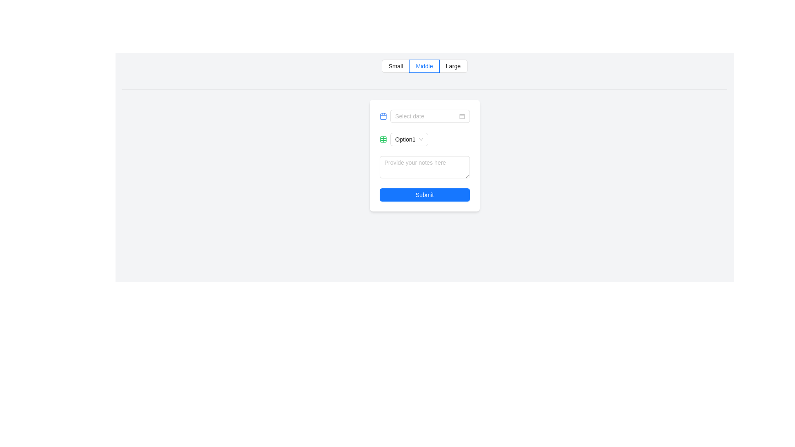  Describe the element at coordinates (424, 65) in the screenshot. I see `the 'Middle' radio button label` at that location.